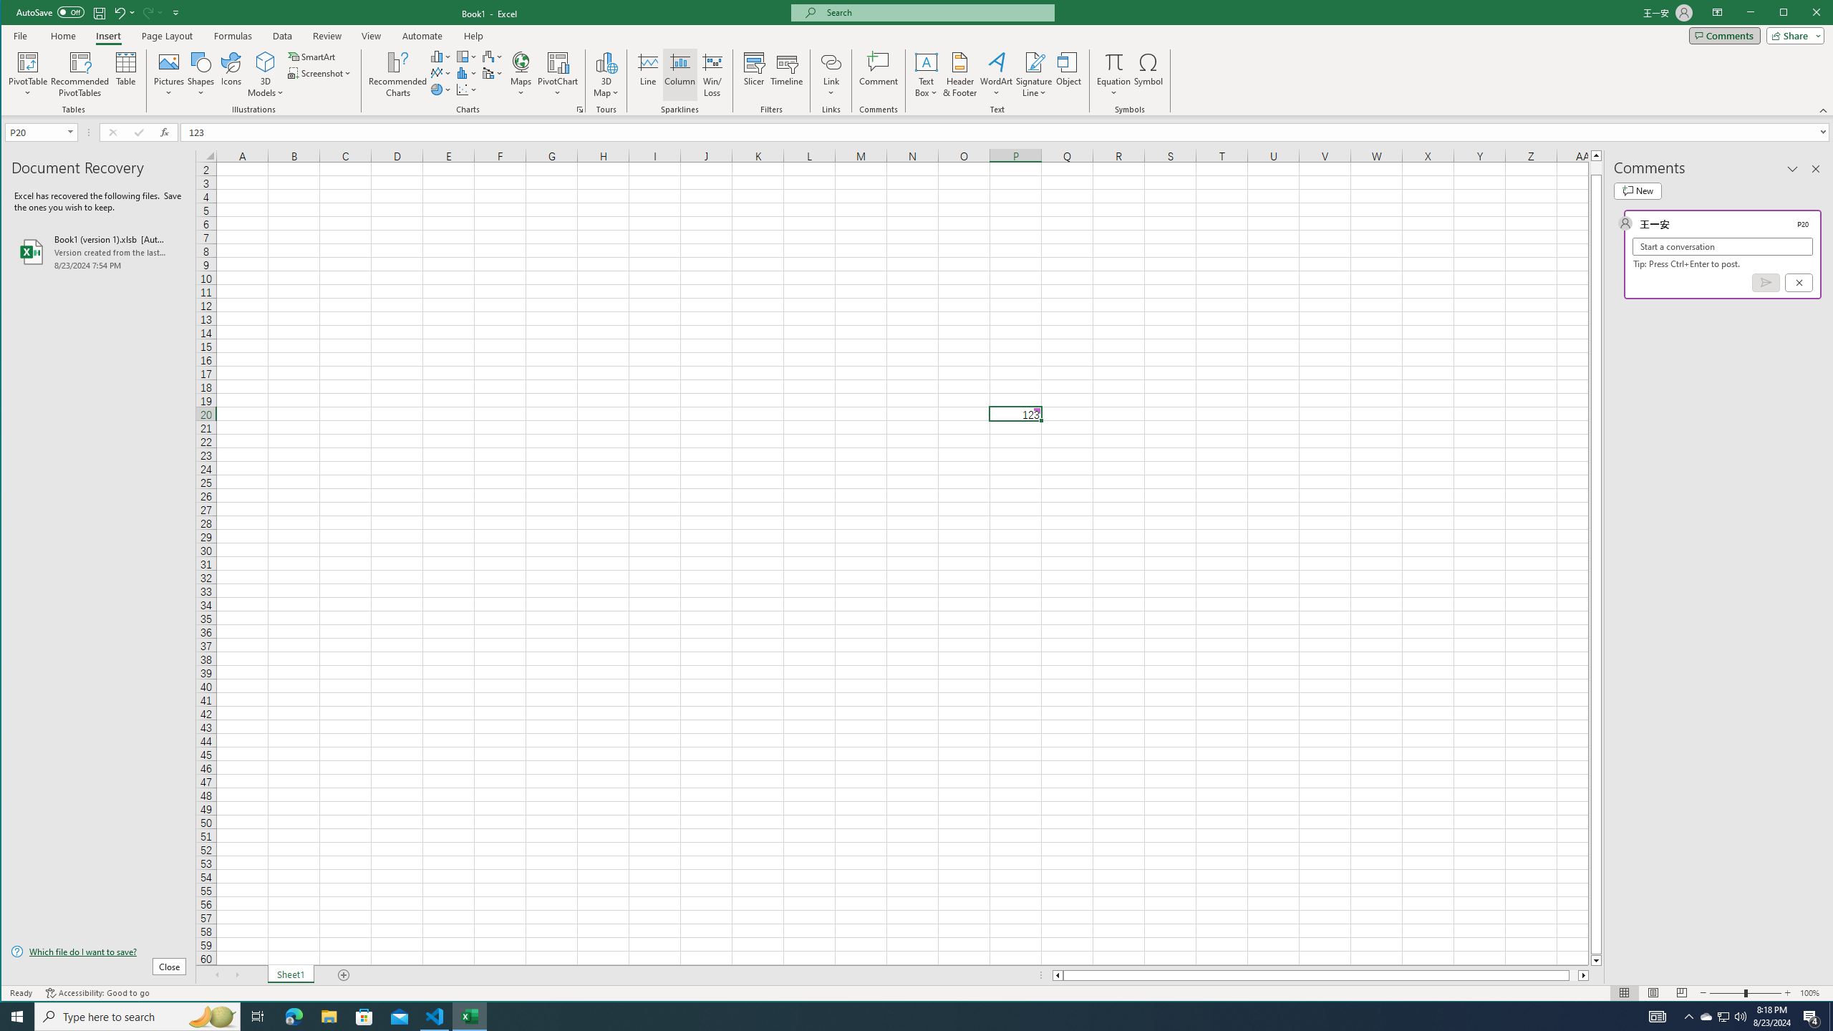  What do you see at coordinates (435, 1015) in the screenshot?
I see `'Visual Studio Code - 1 running window'` at bounding box center [435, 1015].